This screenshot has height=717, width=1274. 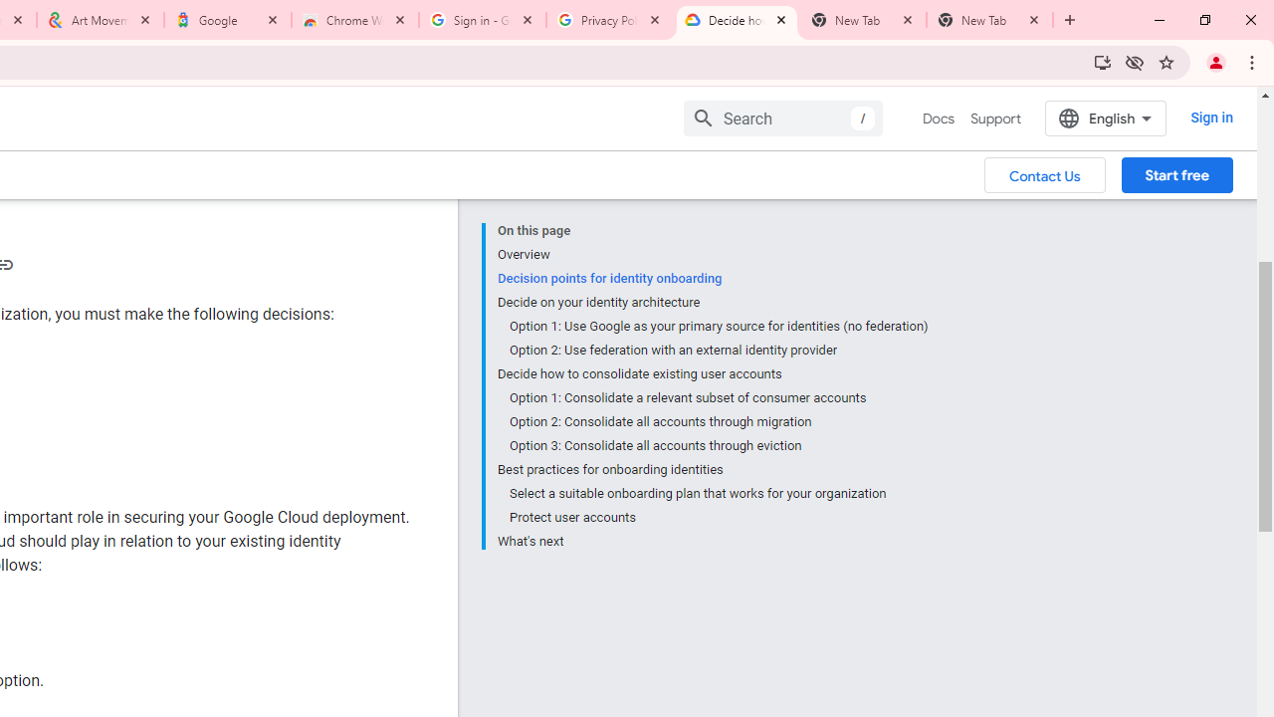 I want to click on 'Start free', so click(x=1176, y=173).